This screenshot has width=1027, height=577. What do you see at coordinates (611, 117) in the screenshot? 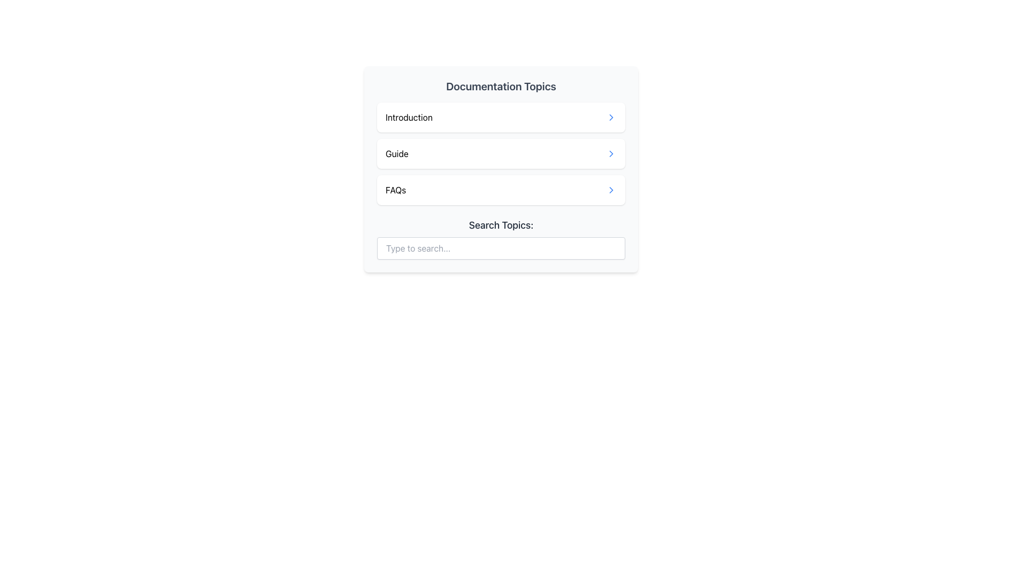
I see `the rightward chevron icon that serves as a visual indicator for the 'Introduction' section in the 'Documentation Topics' interface` at bounding box center [611, 117].